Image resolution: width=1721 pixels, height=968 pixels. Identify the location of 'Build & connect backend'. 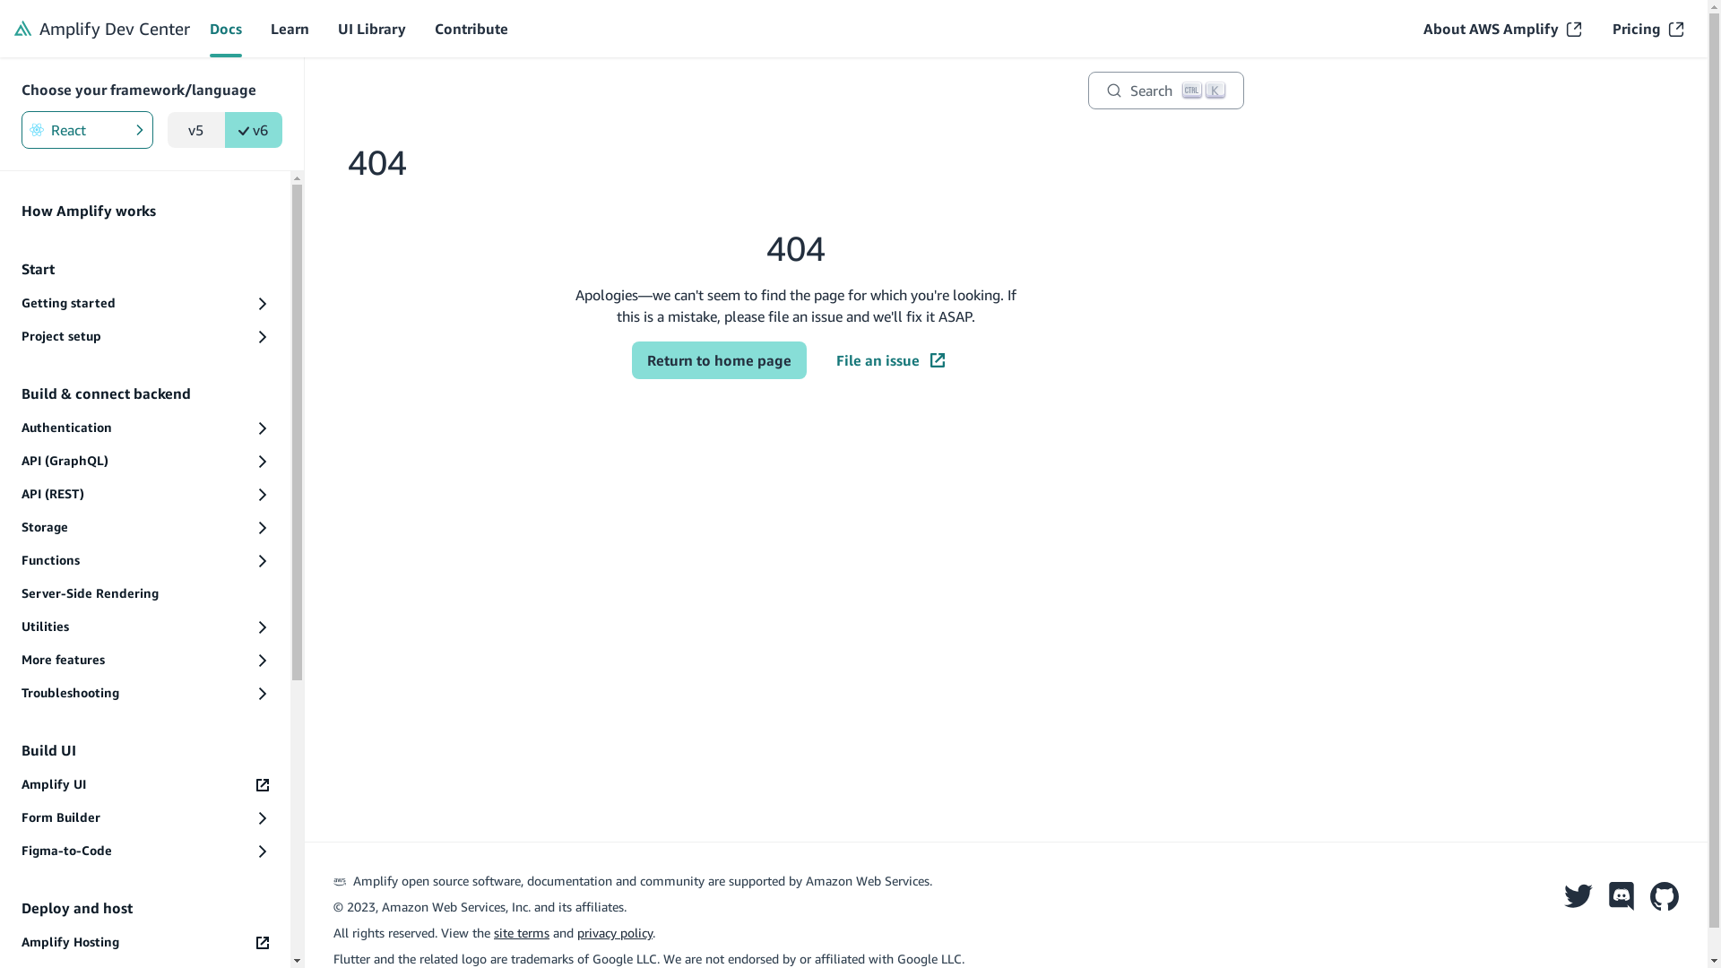
(145, 393).